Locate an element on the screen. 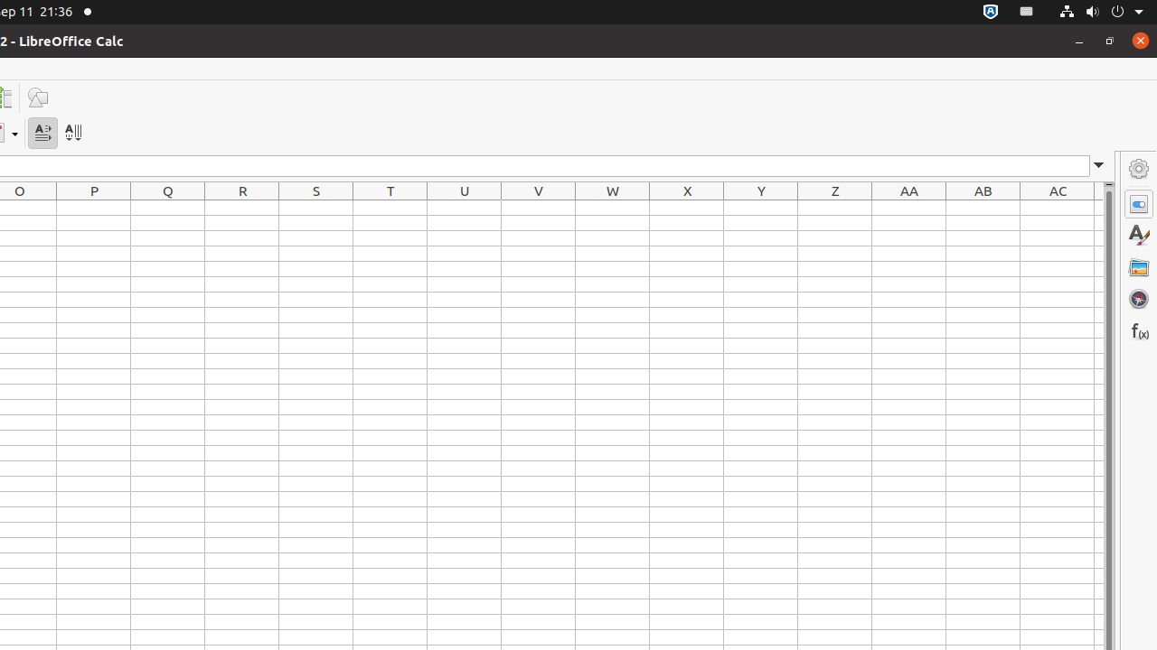 The height and width of the screenshot is (650, 1157). 'Z1' is located at coordinates (834, 207).